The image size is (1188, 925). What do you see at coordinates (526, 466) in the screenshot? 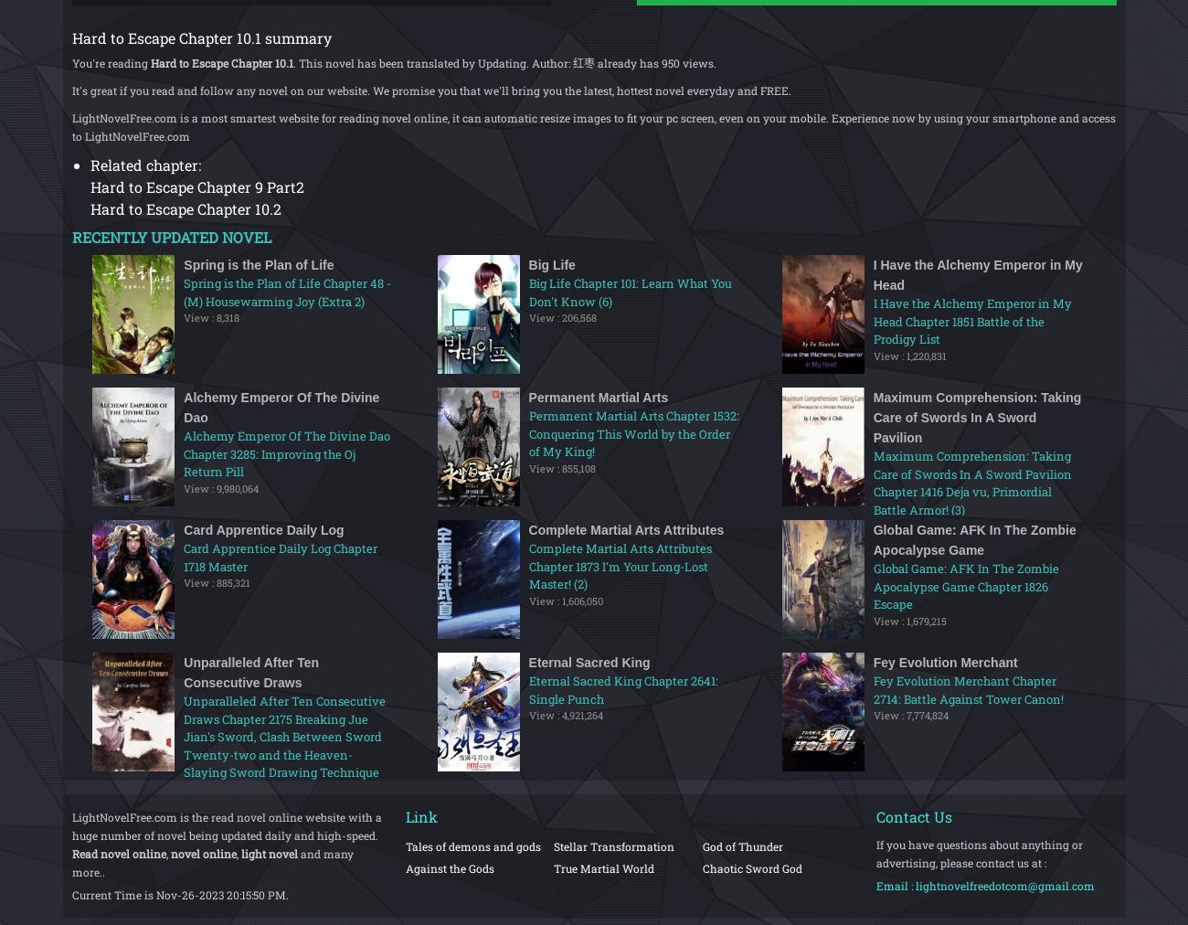
I see `'View : 855,108'` at bounding box center [526, 466].